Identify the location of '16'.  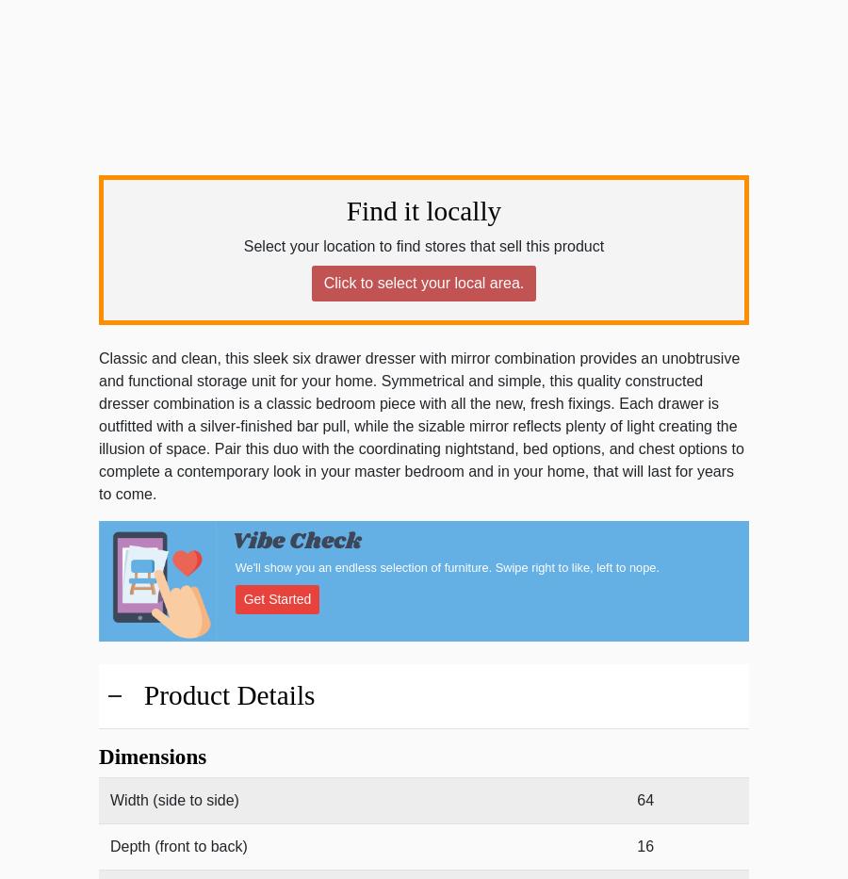
(636, 846).